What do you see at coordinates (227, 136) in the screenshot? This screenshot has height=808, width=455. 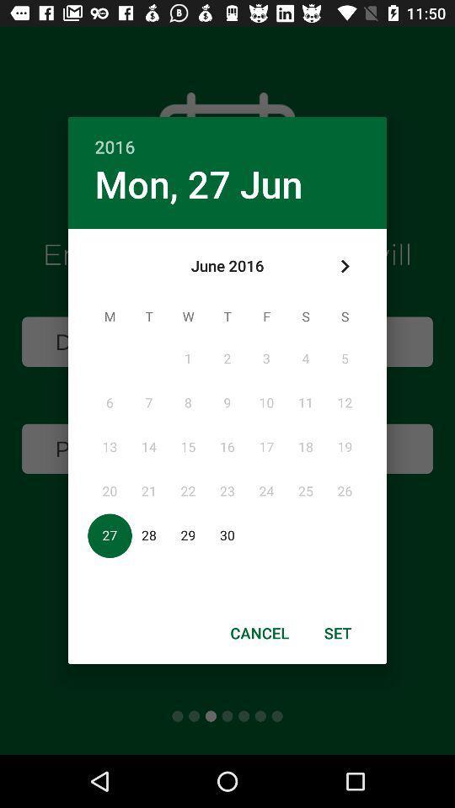 I see `the item above mon, 27 jun item` at bounding box center [227, 136].